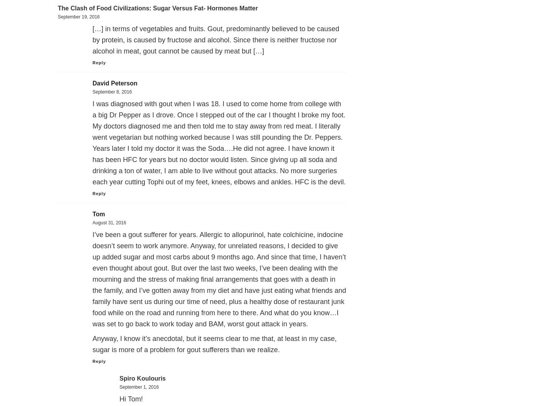 Image resolution: width=555 pixels, height=406 pixels. What do you see at coordinates (219, 279) in the screenshot?
I see `'I’ve been a gout sufferer for years.  Allergic to allopurinol, hate colchicine, indocine doesn’t seem to work anymore.  Anyway, for unrelated reasons, I decided to give up added sugar and most carbs about 9 months ago. And since that time, I haven’t even thought about gout.  But over the last two weeks, I’ve been dealing with the mourning and the stress of making final arrangements that goes with a death in the family, and I’ve gotten away from my diet and have just eating what friends and family have sent us during our time of need, plus a healthy dose of restaurant junk food while on the road and running from here to there.  And what do you know…I was set to go back to work today and BAM, worst gout attack in years.'` at bounding box center [219, 279].